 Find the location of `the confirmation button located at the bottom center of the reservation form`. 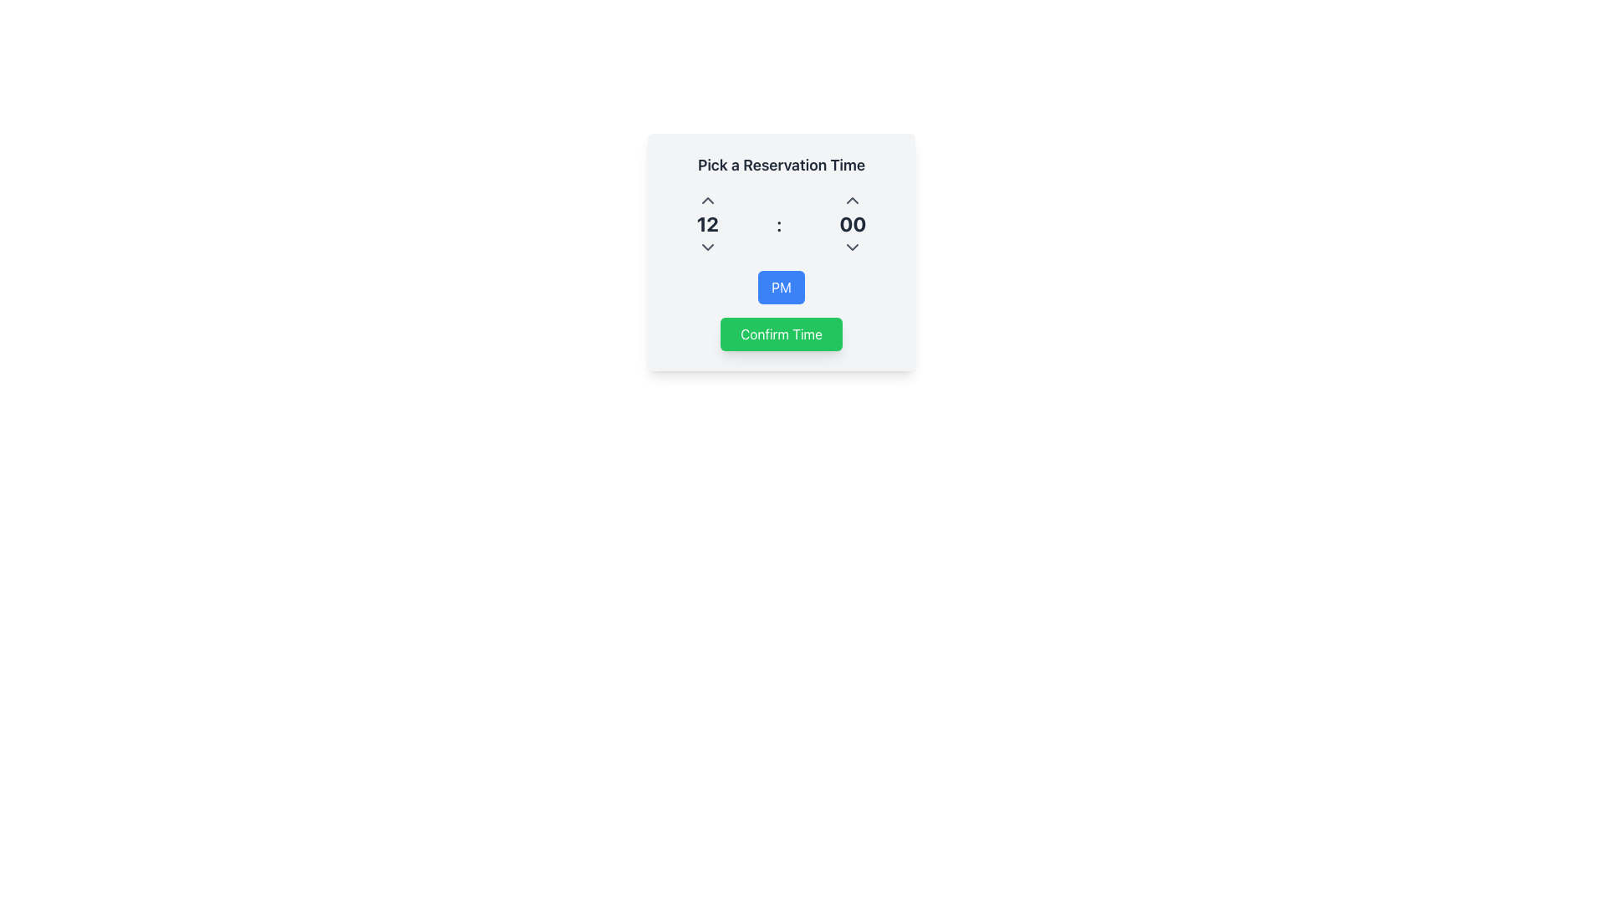

the confirmation button located at the bottom center of the reservation form is located at coordinates (781, 334).